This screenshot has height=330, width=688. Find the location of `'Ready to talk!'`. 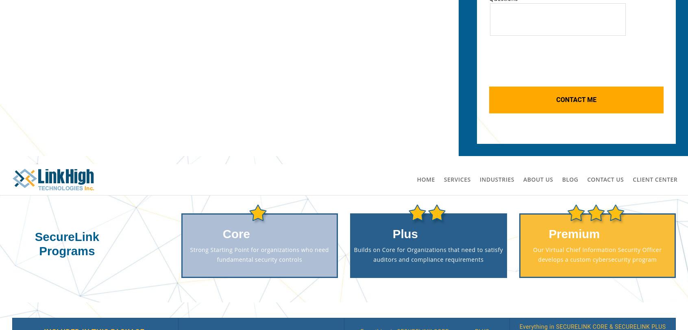

'Ready to talk!' is located at coordinates (516, 293).